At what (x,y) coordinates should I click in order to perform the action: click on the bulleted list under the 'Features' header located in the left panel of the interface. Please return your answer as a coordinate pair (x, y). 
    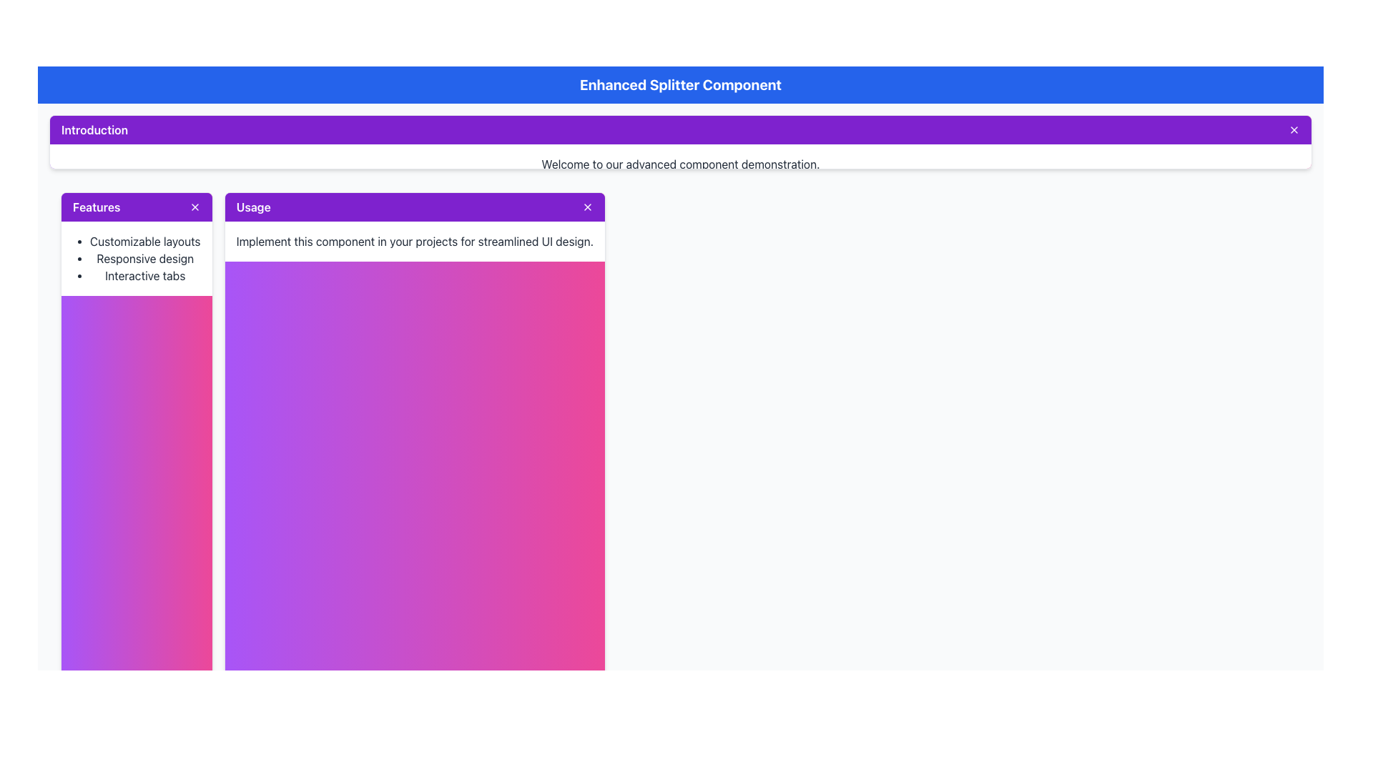
    Looking at the image, I should click on (137, 258).